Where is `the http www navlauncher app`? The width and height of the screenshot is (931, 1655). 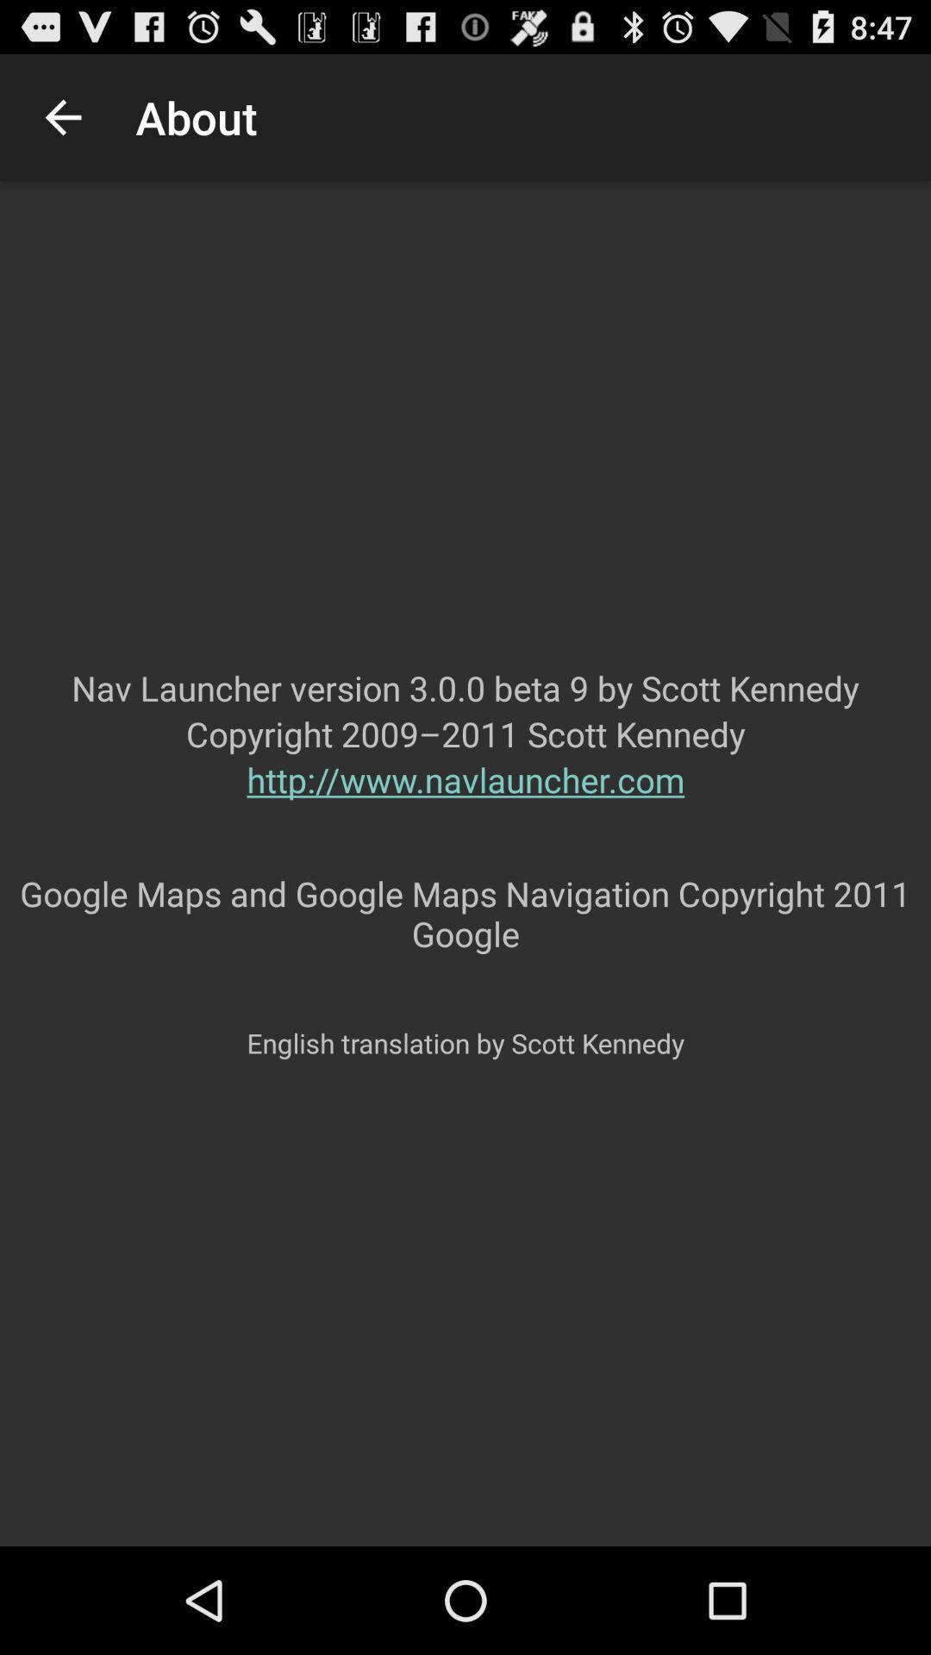 the http www navlauncher app is located at coordinates (465, 813).